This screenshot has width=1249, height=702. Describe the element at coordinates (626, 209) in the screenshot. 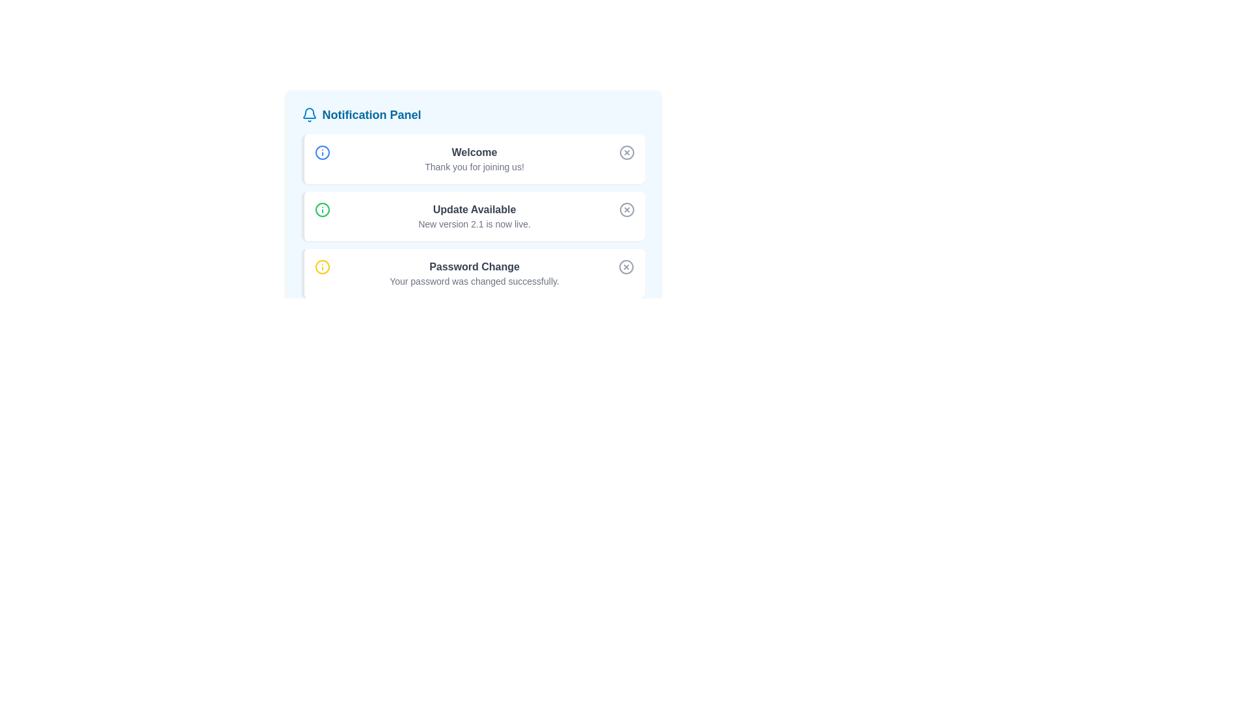

I see `the SVG Circle Shape that is part of the notification panel's close button, which has a stroke and no fill color, and is positioned around the third notification item` at that location.